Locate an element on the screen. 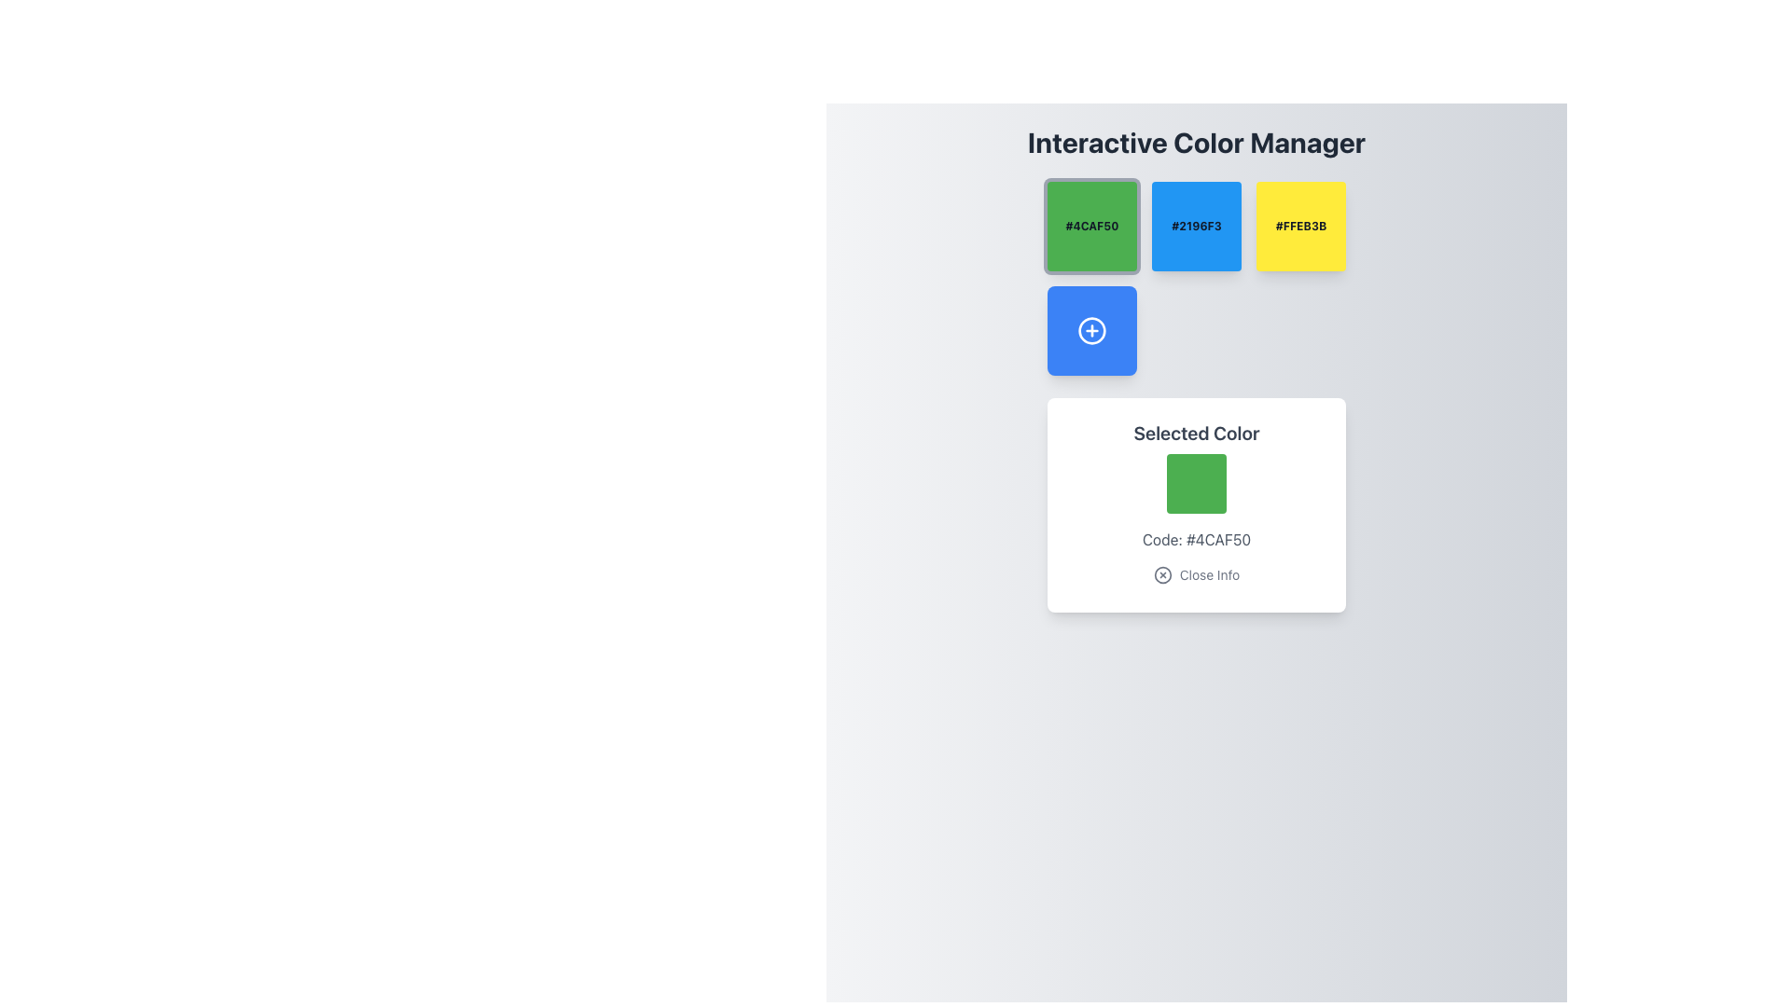  the blue color tile with hexadecimal code '#2196F3', which is the second tile in a grid and located between the green tile '#4CAF50' and the yellow tile '#FFEB3B' is located at coordinates (1196, 226).